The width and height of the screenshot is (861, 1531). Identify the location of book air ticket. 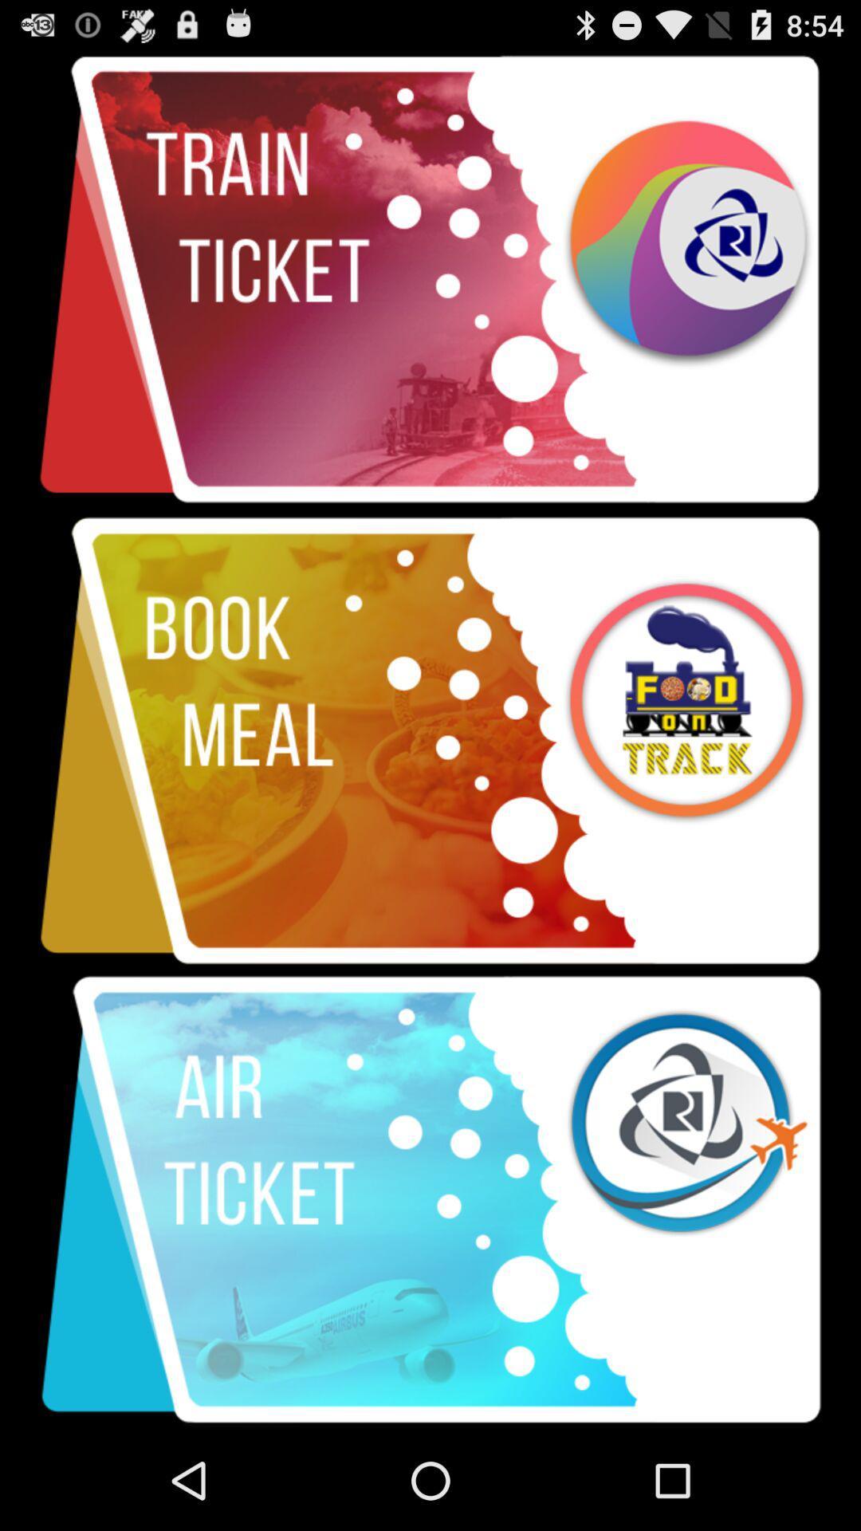
(431, 1200).